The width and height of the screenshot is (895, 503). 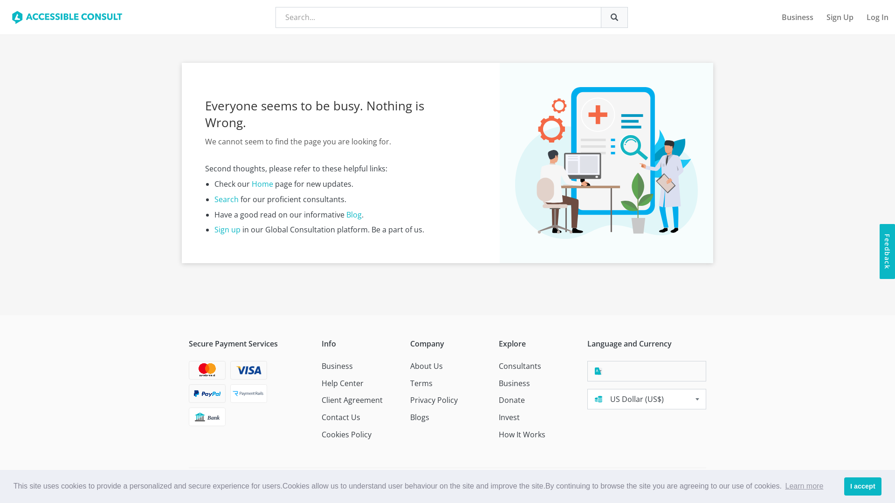 I want to click on 'About Us', so click(x=426, y=366).